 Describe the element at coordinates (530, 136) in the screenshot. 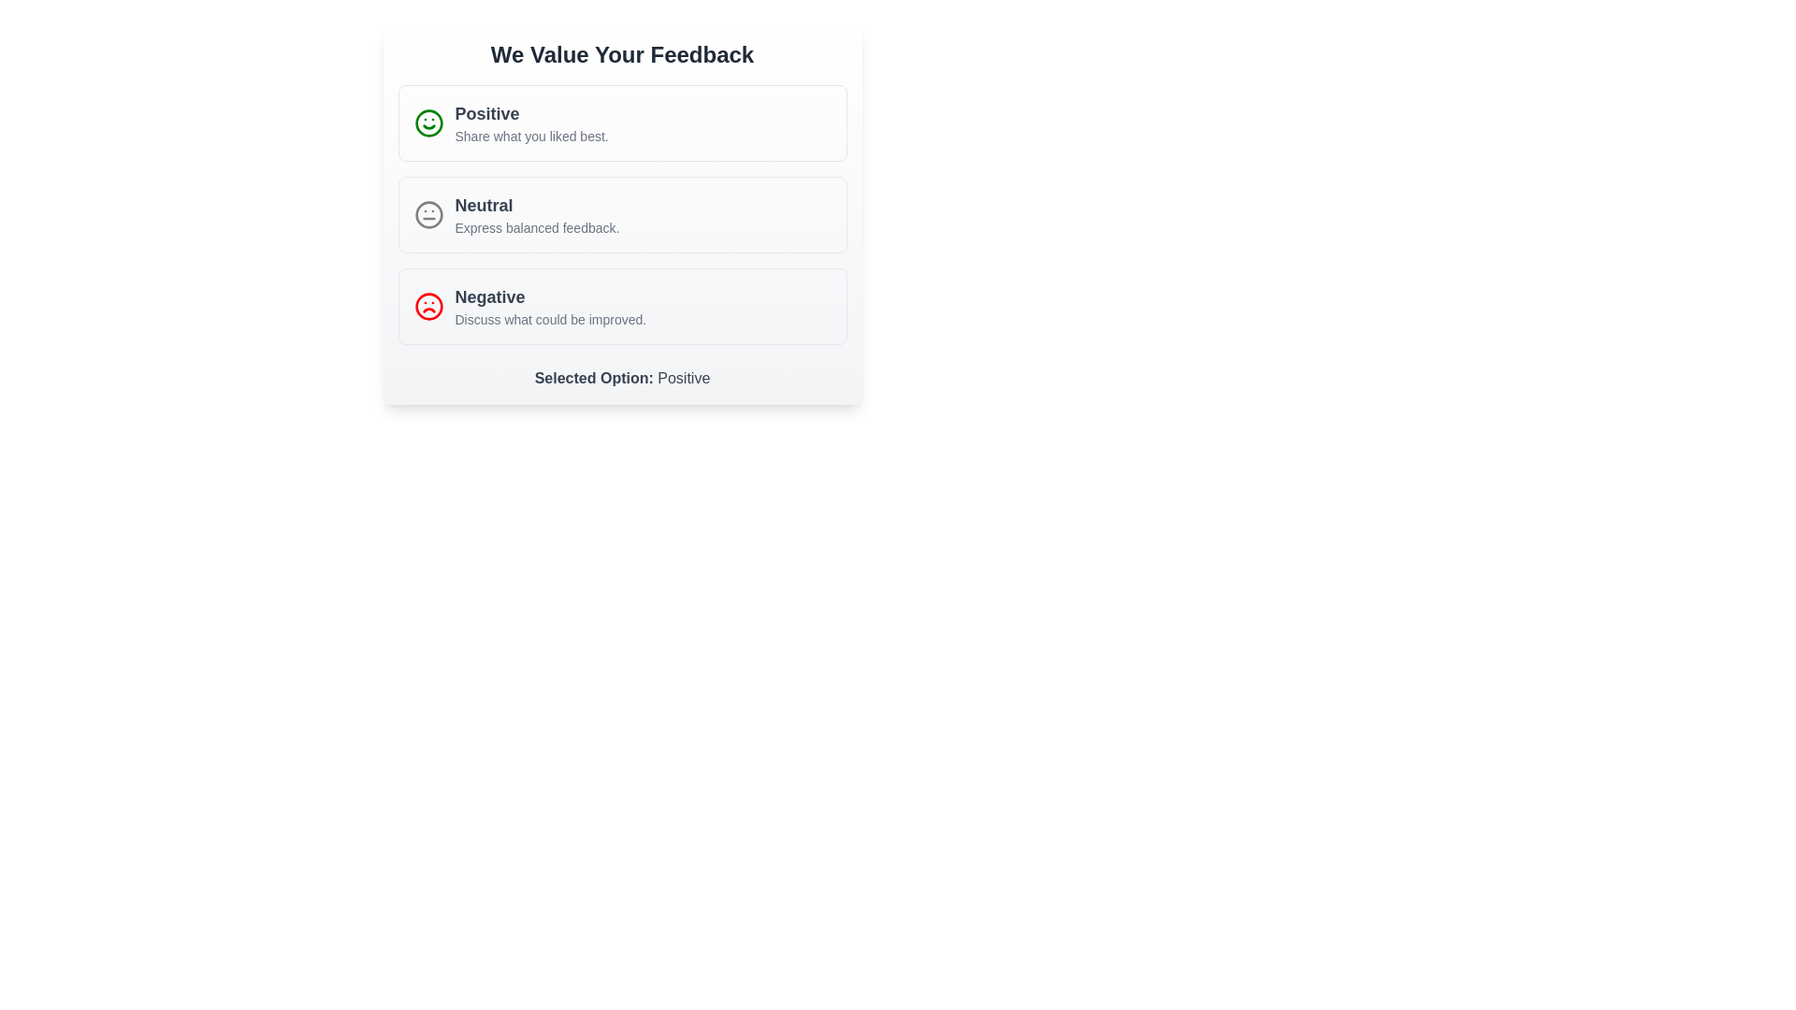

I see `the text label that provides instructions for the 'Positive' feedback option, located immediately below the 'Positive' text in the feedback section` at that location.